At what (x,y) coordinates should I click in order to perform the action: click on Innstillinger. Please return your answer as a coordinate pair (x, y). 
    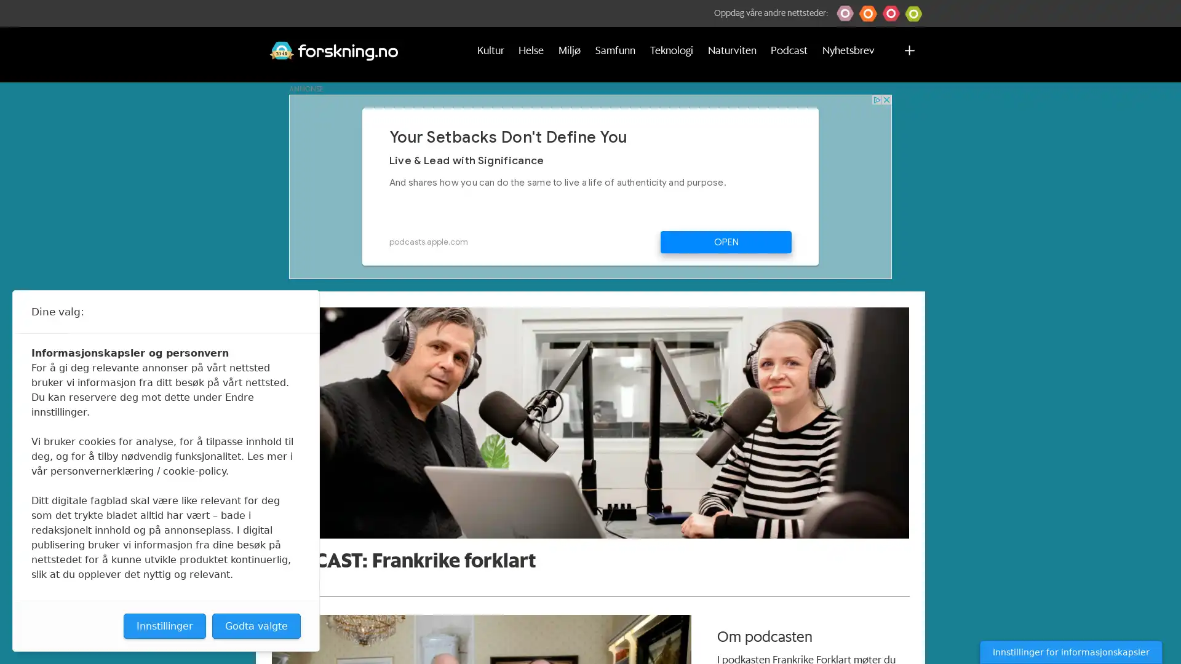
    Looking at the image, I should click on (164, 626).